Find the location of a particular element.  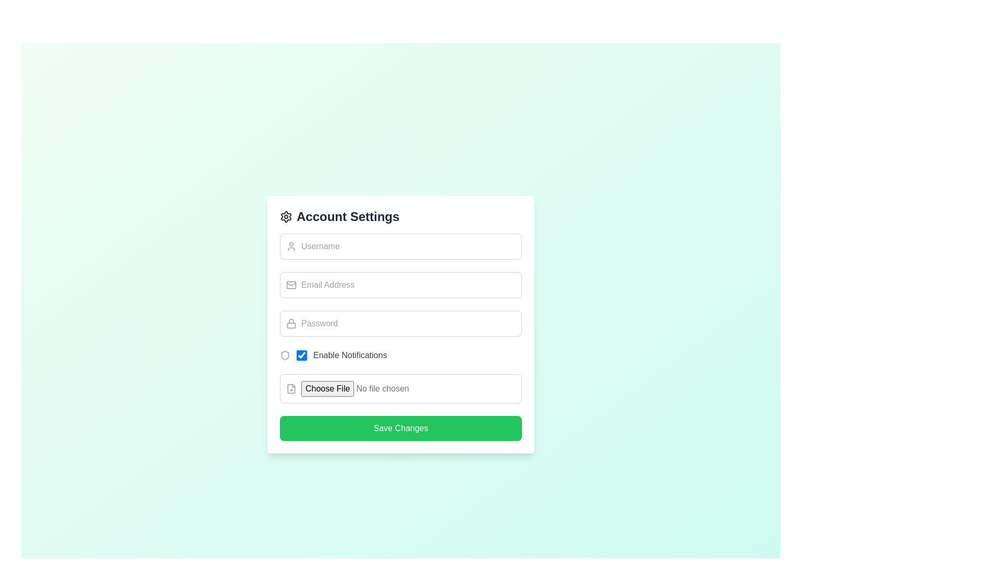

the decorative icon located at the far left of the 'Username' text input field, which helps users identify the purpose of the input field is located at coordinates (291, 247).